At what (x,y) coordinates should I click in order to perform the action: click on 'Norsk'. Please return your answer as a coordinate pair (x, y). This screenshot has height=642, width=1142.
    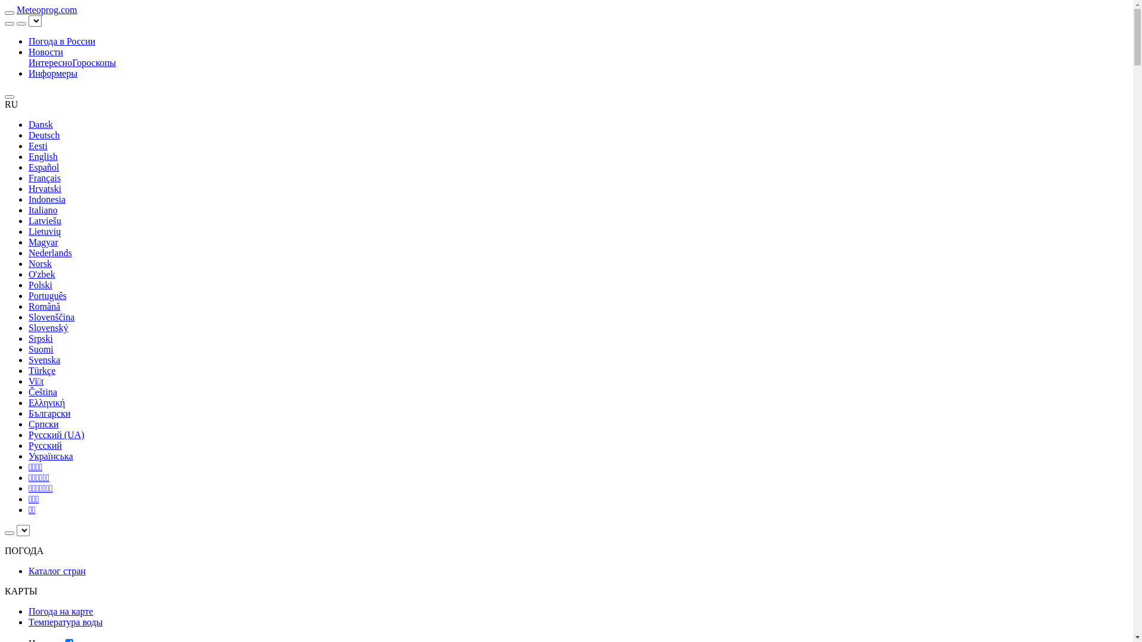
    Looking at the image, I should click on (40, 263).